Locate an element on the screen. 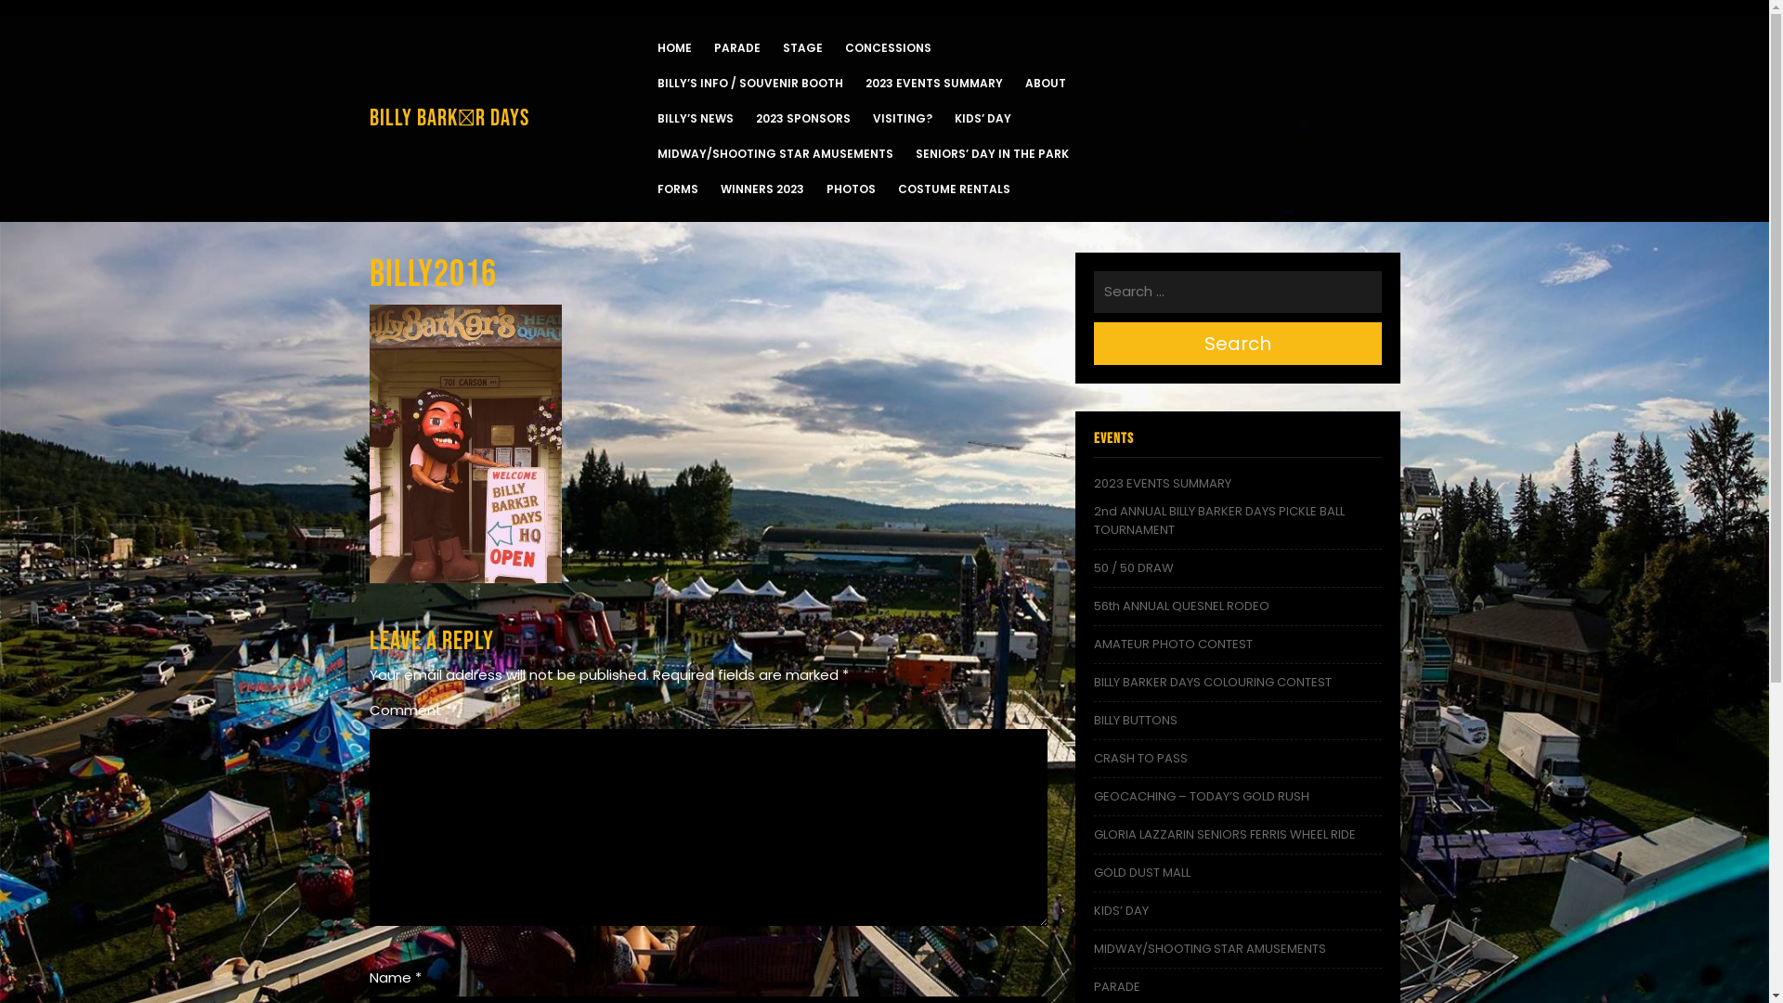 The image size is (1783, 1003). 'VISITING?' is located at coordinates (902, 118).